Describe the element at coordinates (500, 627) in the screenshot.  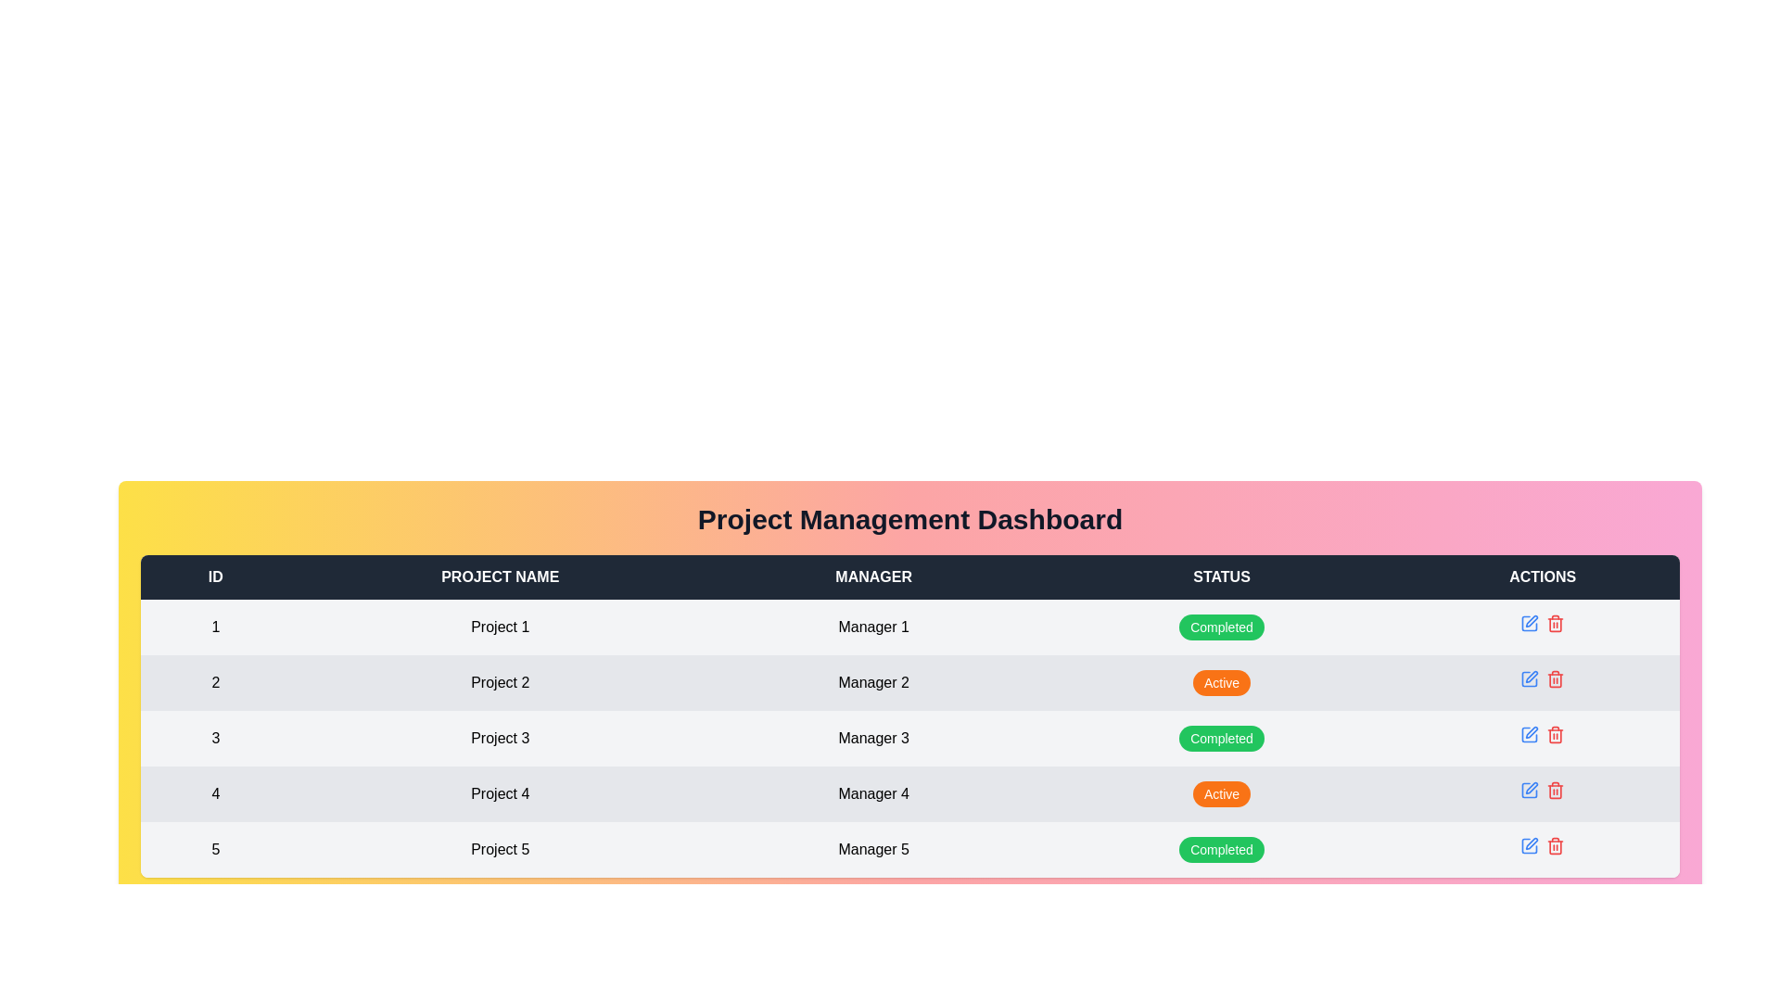
I see `on the text field containing 'Project 1' in the table under the 'PROJECT NAME' column` at that location.